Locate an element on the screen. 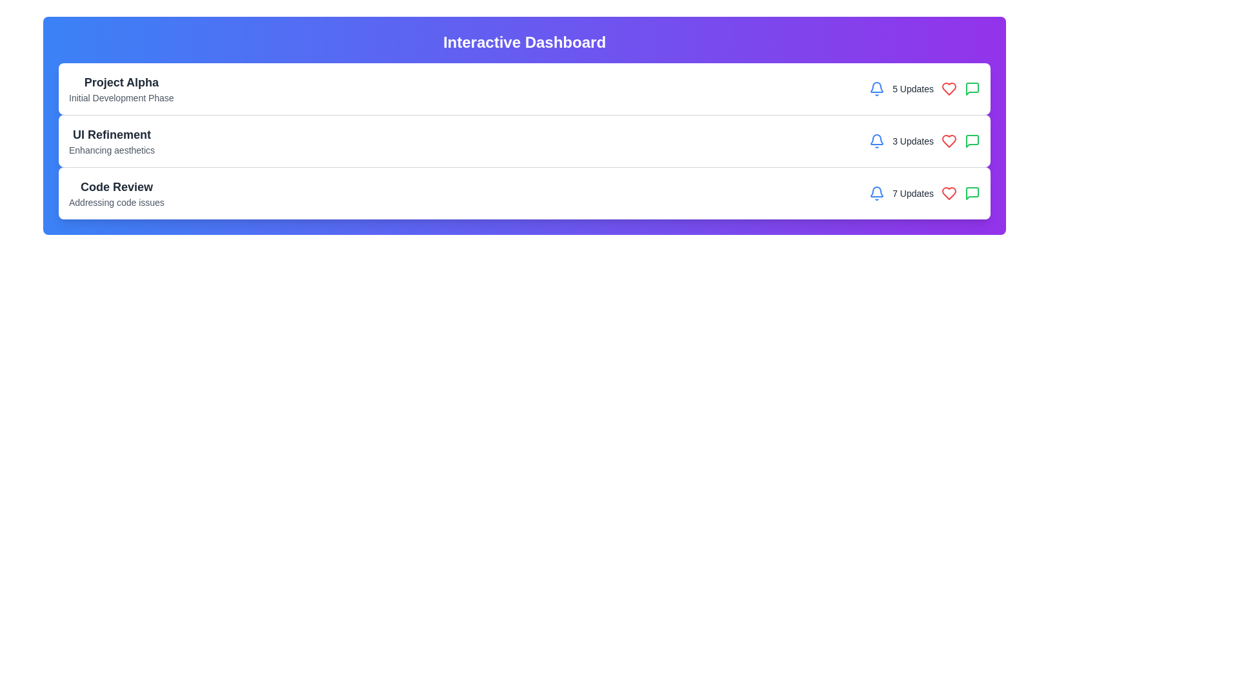 The image size is (1239, 697). the heart-shaped icon used to express a 'like' or 'favorite' action, located between '5 Updates' and a green speech bubble icon in the interactive component group is located at coordinates (949, 88).